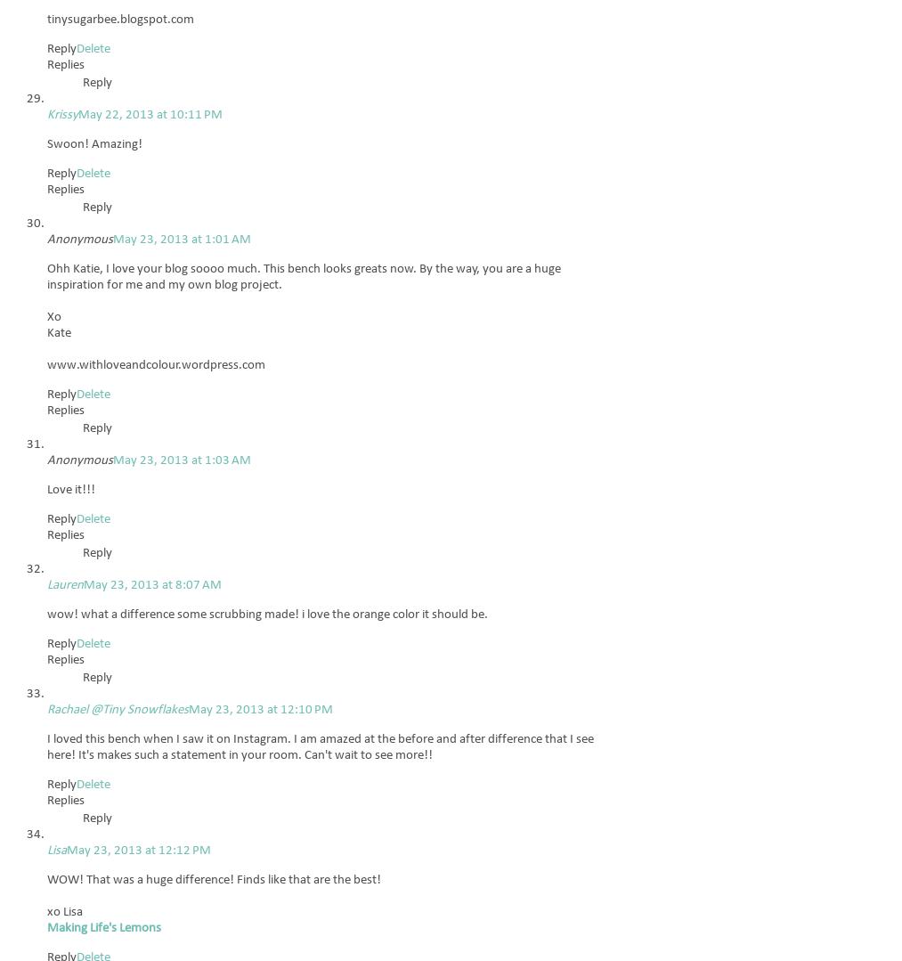 Image resolution: width=902 pixels, height=961 pixels. What do you see at coordinates (139, 850) in the screenshot?
I see `'May 23, 2013 at 12:12 PM'` at bounding box center [139, 850].